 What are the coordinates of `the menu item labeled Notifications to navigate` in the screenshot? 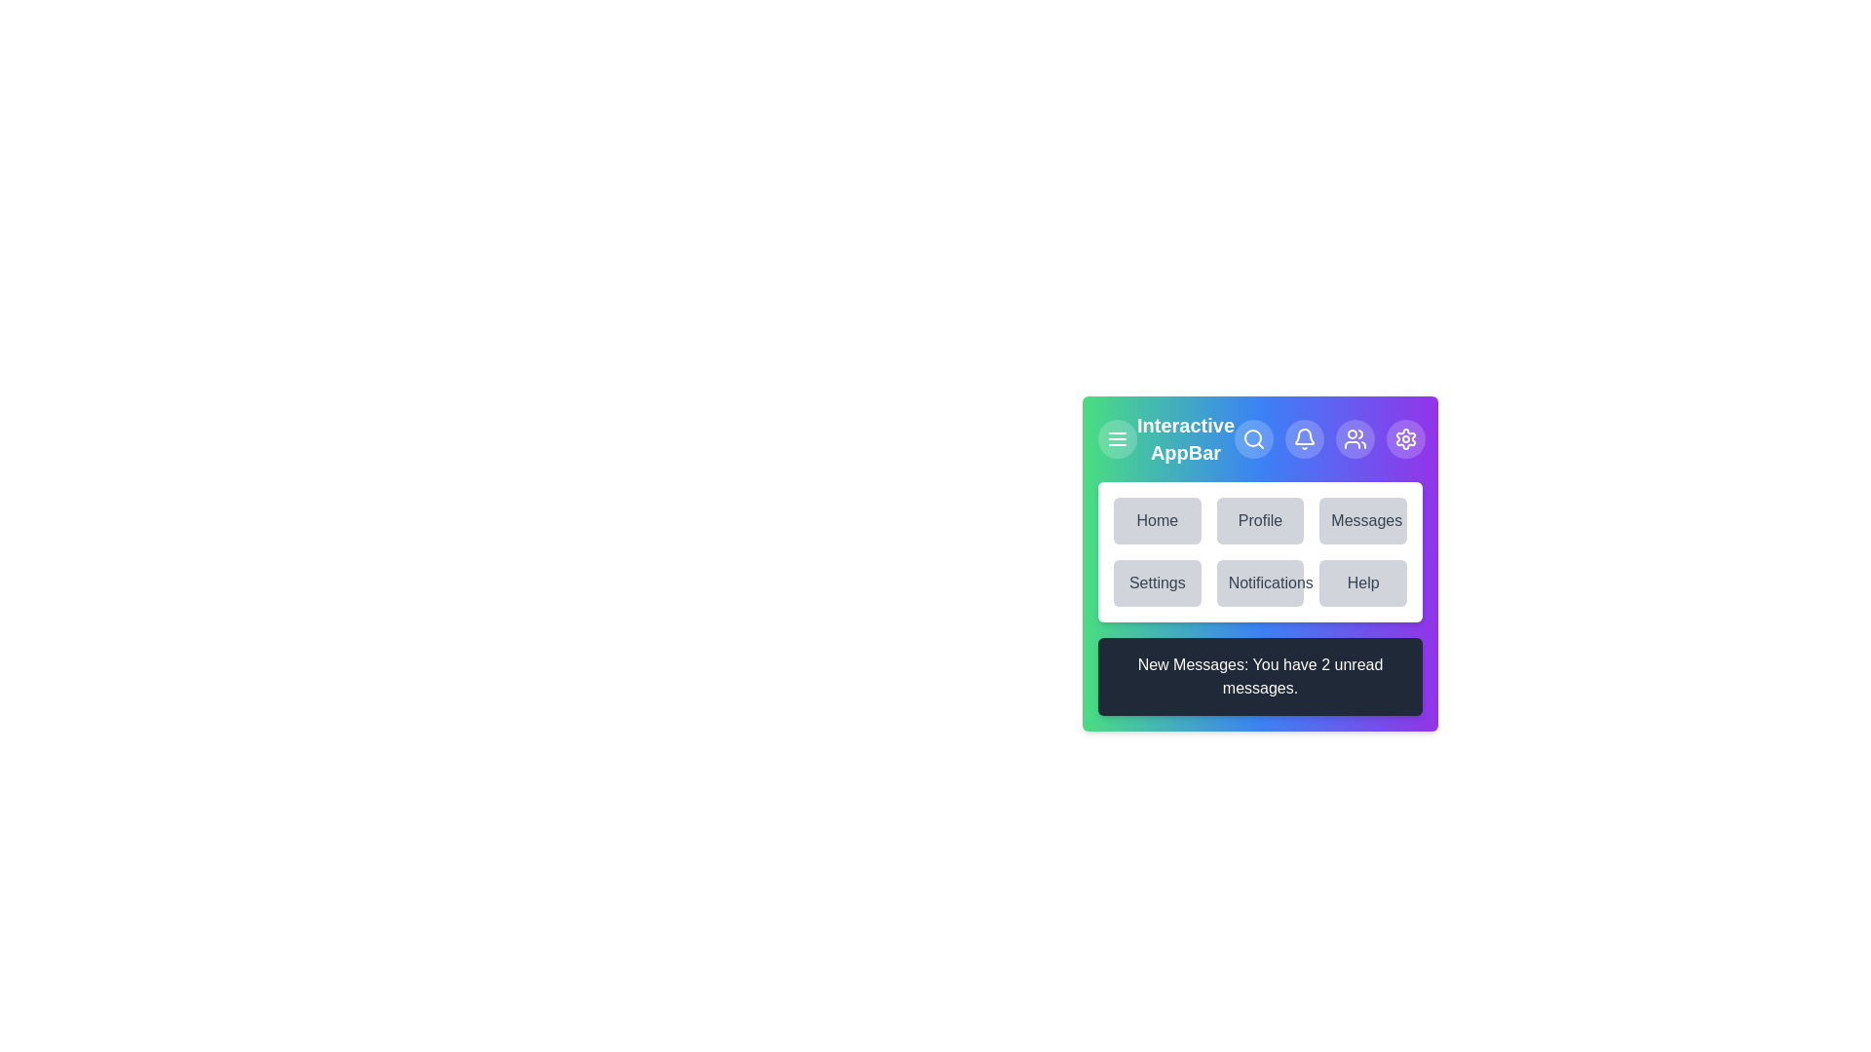 It's located at (1260, 582).